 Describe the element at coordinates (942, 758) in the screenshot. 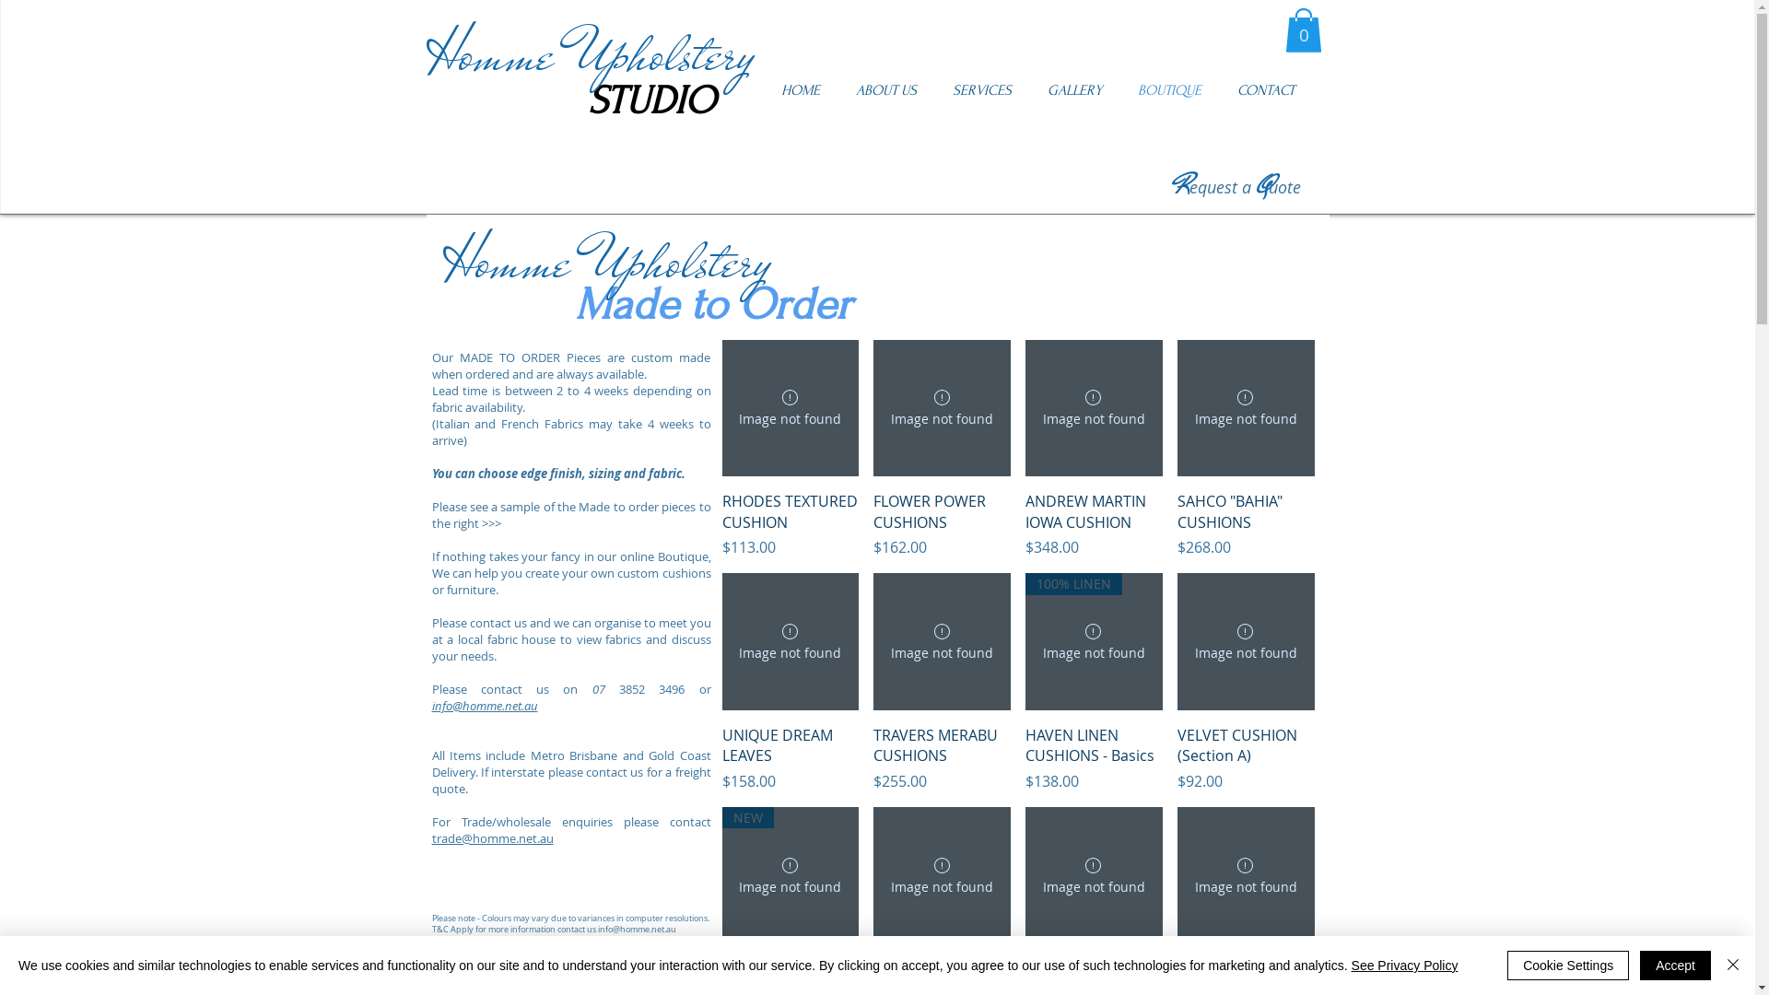

I see `'TRAVERS MERABU CUSHIONS` at that location.